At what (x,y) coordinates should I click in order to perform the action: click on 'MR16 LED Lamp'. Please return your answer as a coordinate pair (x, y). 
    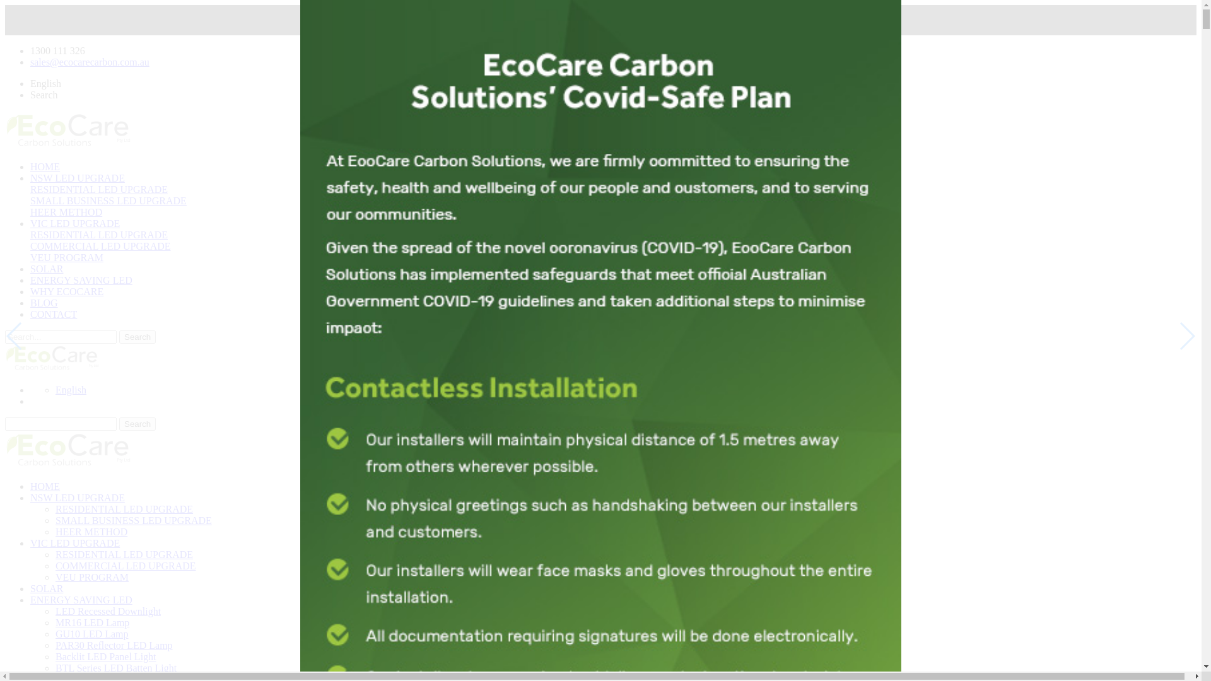
    Looking at the image, I should click on (91, 622).